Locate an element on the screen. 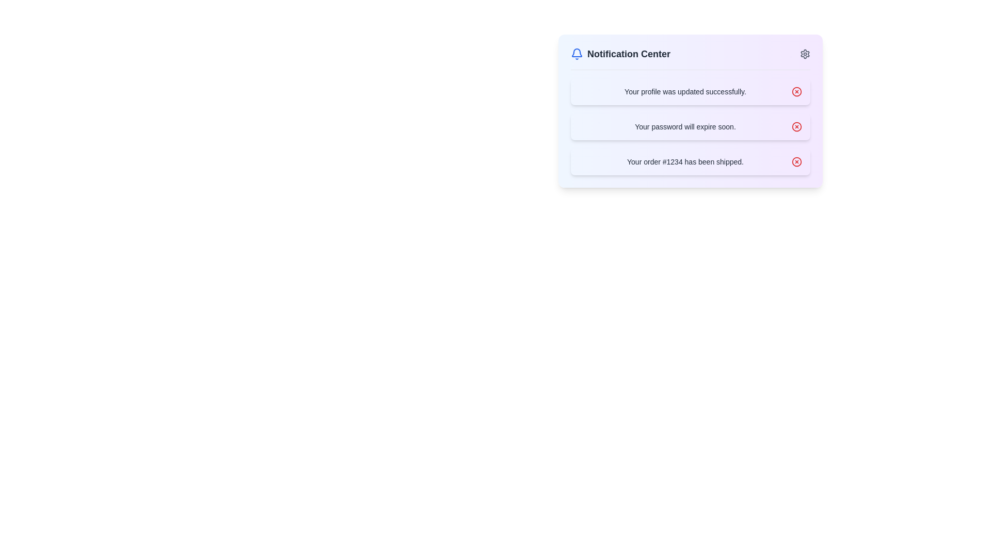 This screenshot has height=557, width=991. the second notification item in the Notification Center is located at coordinates (691, 126).